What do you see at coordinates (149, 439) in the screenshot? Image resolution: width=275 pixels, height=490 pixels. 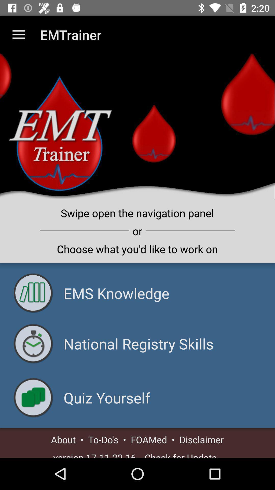 I see `foamed` at bounding box center [149, 439].